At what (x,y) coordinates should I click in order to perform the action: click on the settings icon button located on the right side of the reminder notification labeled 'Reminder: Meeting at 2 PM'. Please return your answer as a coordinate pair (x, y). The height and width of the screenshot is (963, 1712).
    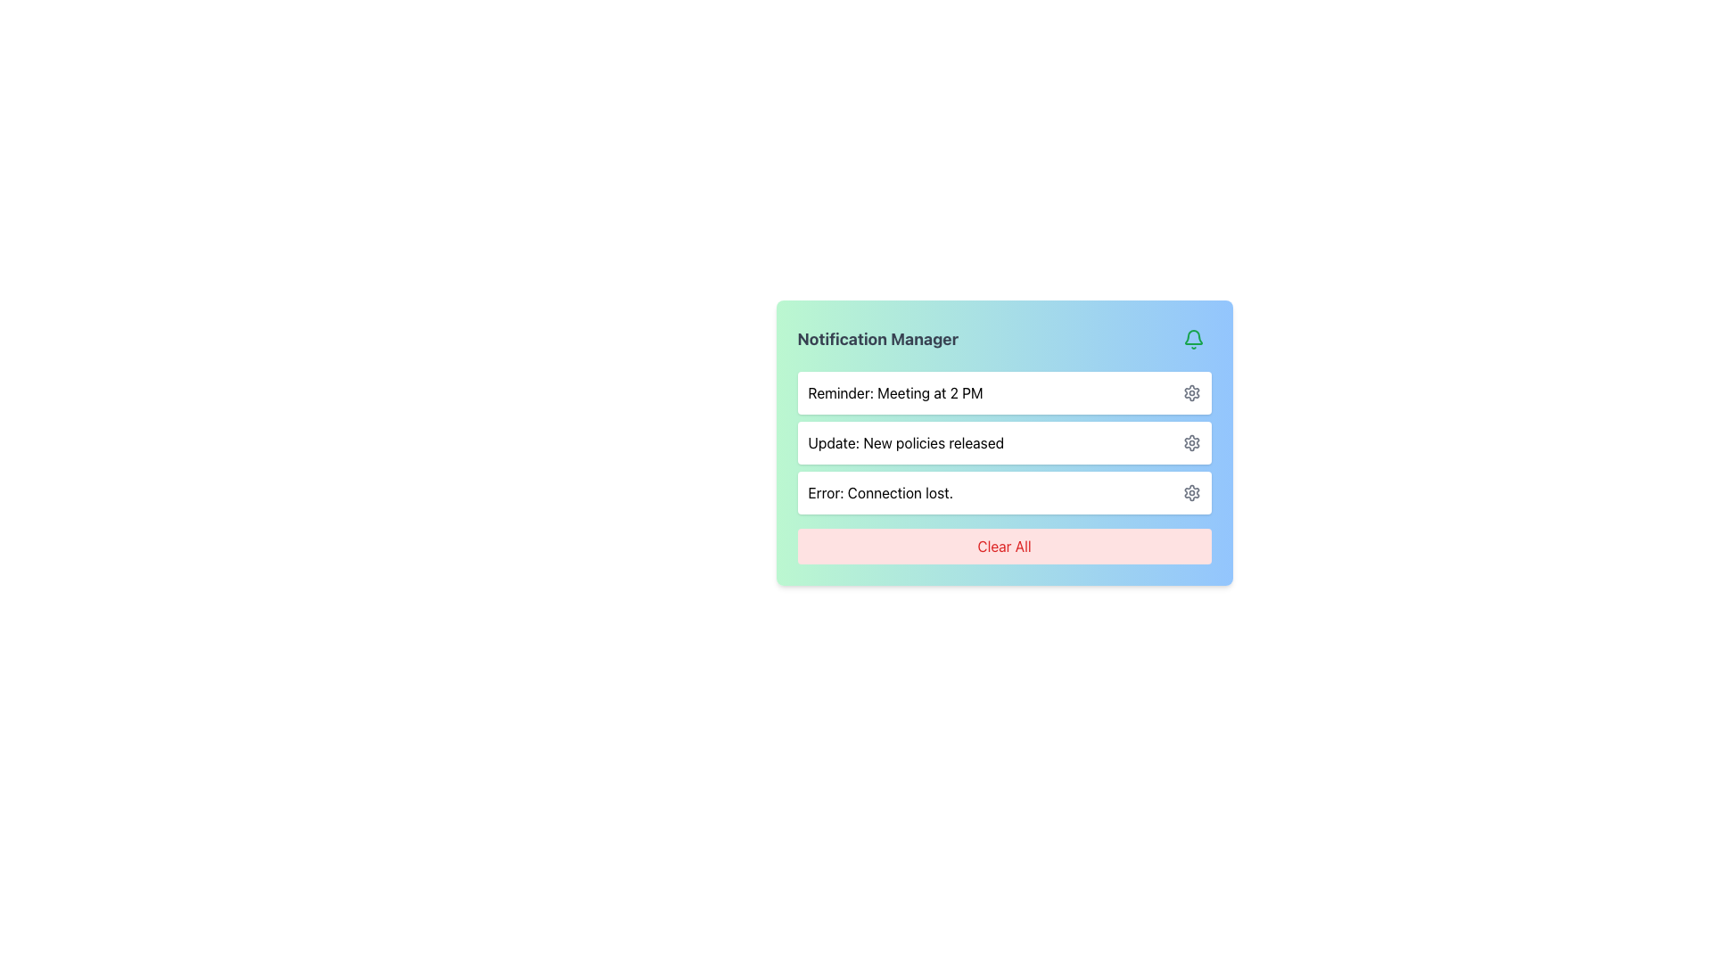
    Looking at the image, I should click on (1191, 391).